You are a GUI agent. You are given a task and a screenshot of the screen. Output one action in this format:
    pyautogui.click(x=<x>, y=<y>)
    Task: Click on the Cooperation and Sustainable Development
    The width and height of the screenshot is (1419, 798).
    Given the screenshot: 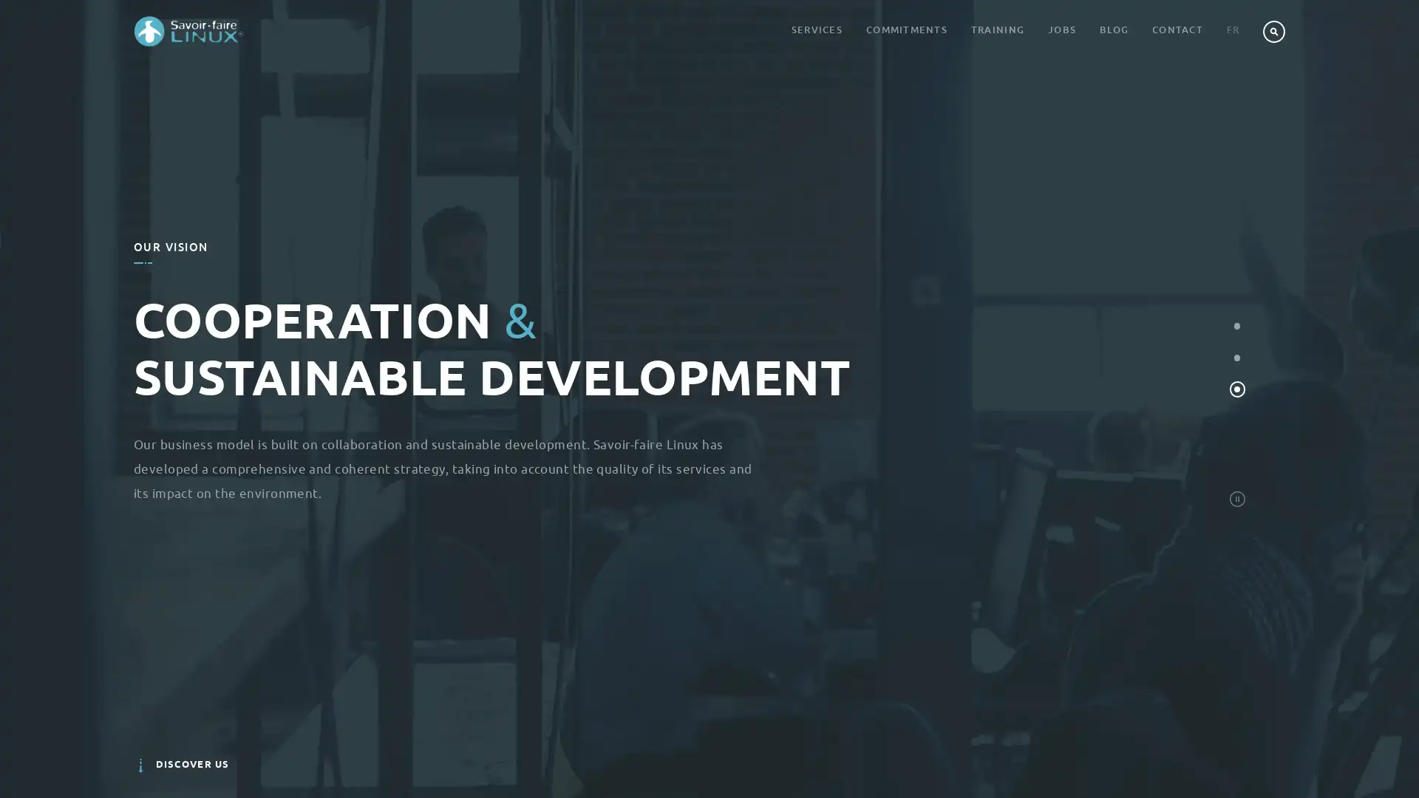 What is the action you would take?
    pyautogui.click(x=1236, y=388)
    